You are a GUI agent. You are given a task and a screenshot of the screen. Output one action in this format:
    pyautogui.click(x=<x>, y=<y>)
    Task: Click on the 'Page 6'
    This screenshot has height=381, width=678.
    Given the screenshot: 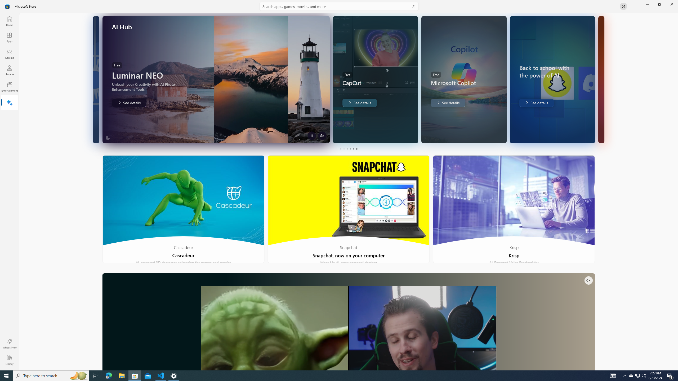 What is the action you would take?
    pyautogui.click(x=356, y=149)
    